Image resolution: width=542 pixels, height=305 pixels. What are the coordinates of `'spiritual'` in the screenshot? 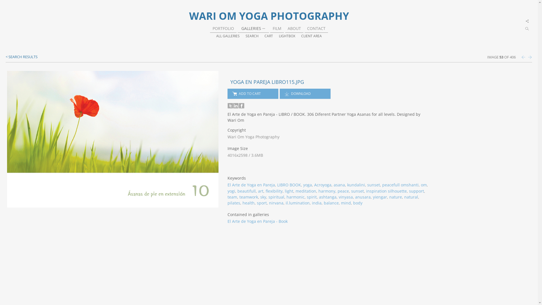 It's located at (276, 197).